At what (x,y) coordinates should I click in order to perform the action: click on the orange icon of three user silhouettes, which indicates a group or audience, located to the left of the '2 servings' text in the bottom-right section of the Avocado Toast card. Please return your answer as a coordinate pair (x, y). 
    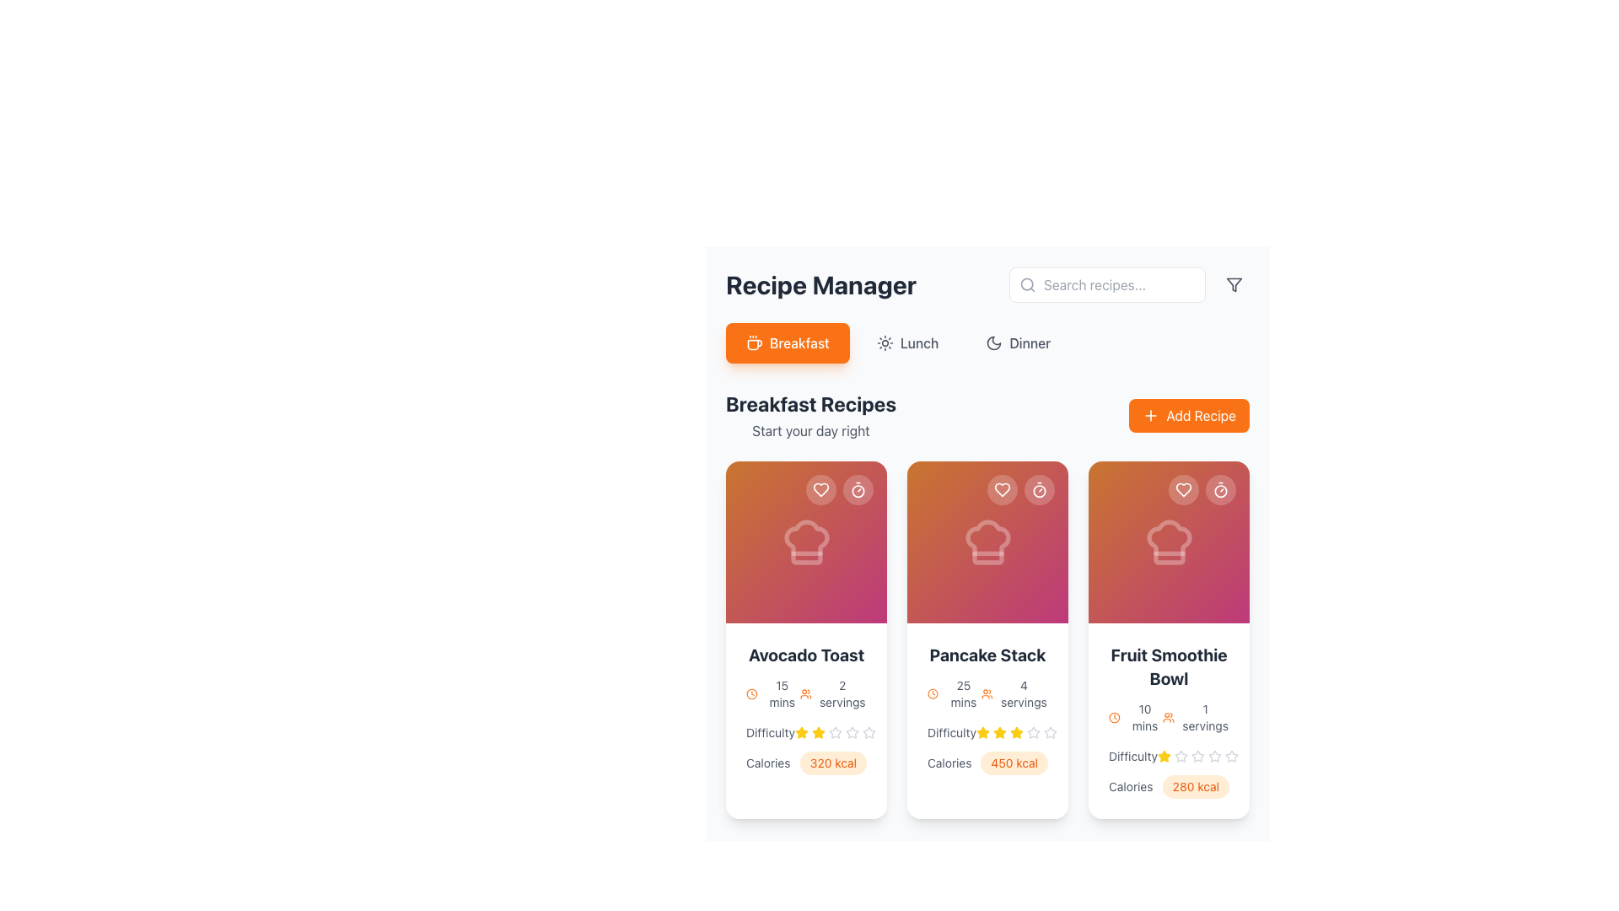
    Looking at the image, I should click on (804, 693).